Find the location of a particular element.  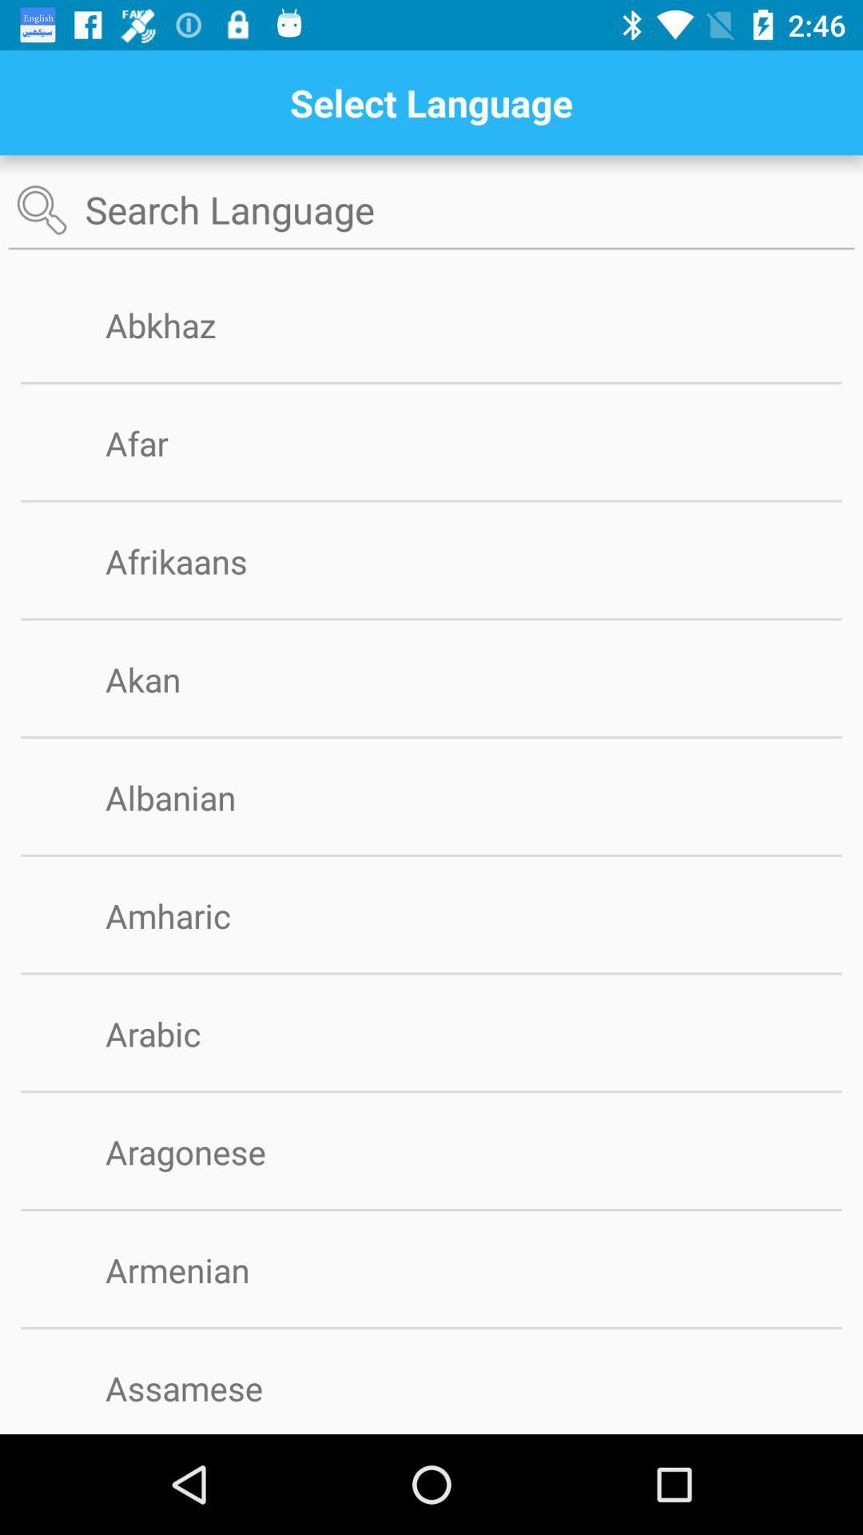

button search is located at coordinates (431, 209).